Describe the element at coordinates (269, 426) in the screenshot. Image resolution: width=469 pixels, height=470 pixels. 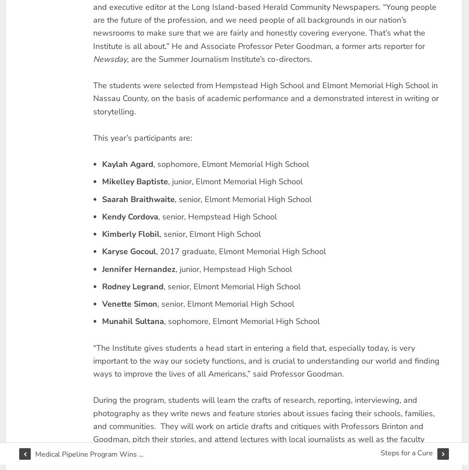
I see `'During the program, students will learn the crafts of research, reporting, interviewing, and photography as they write news and feature stories about issues facing their schools, families, and communities.  They will work on article drafts and critiques with Professors Brinton and Goodman, pitch their stories, and attend lectures with local journalists as well as the faculty from the Herbert School.  A tour of the Herald Community Papers’ editorial offices is also planned.'` at that location.